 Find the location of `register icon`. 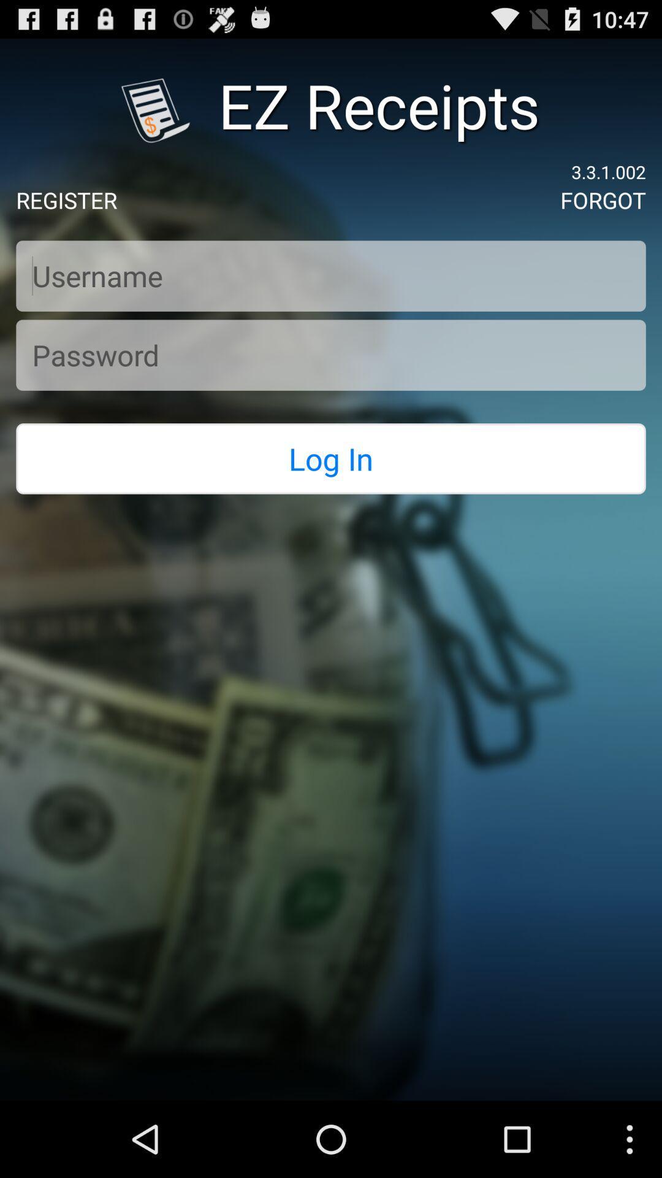

register icon is located at coordinates (66, 200).